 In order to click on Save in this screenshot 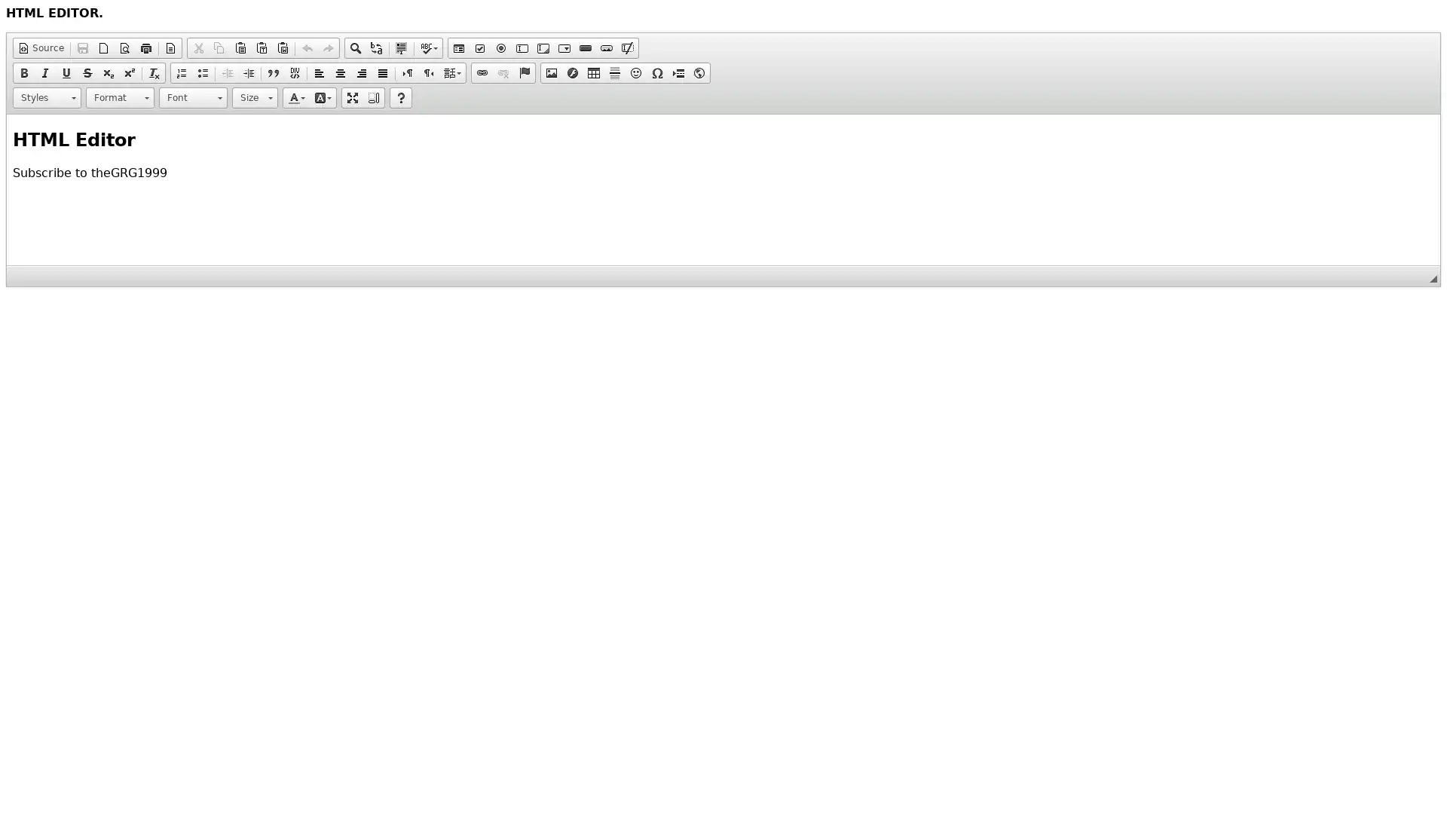, I will do `click(82, 47)`.